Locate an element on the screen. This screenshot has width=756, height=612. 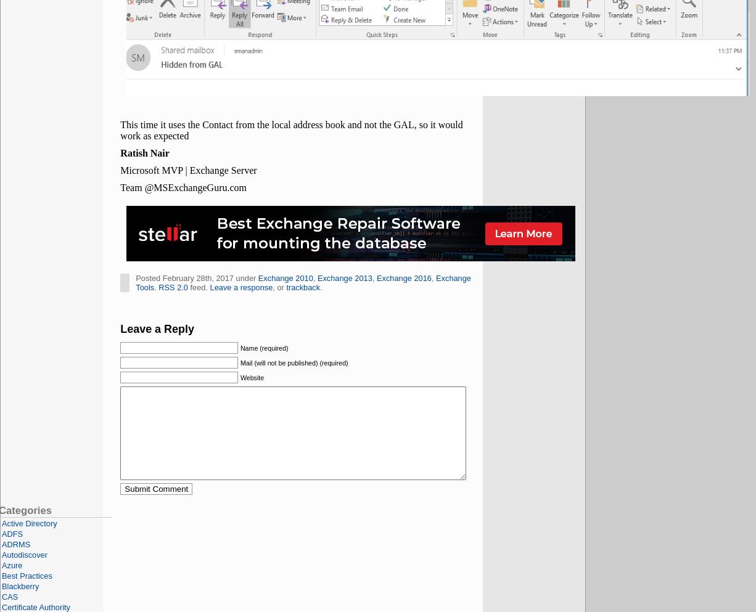
'Microsoft MVP | Exchange Server' is located at coordinates (188, 170).